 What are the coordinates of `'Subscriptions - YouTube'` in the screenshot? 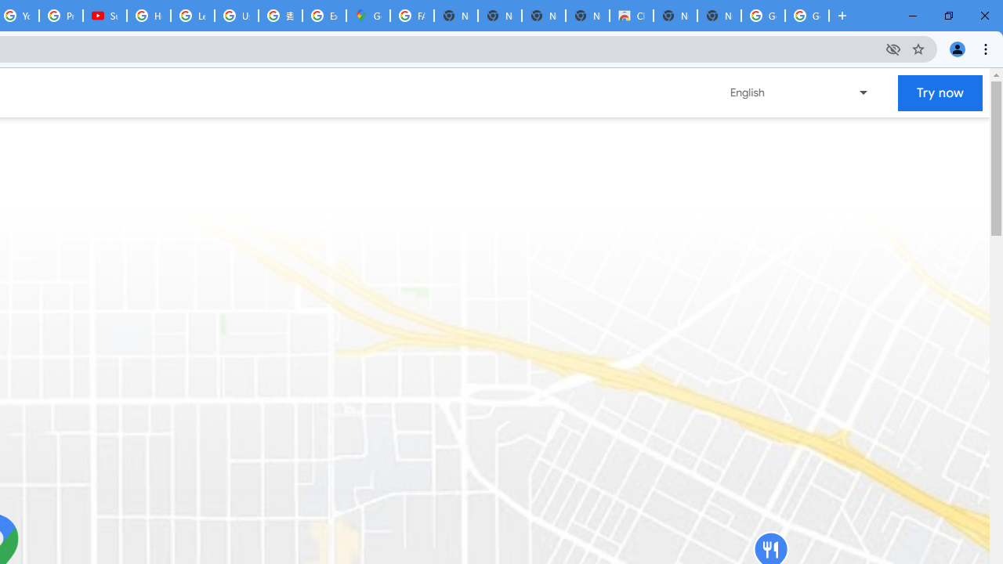 It's located at (104, 16).